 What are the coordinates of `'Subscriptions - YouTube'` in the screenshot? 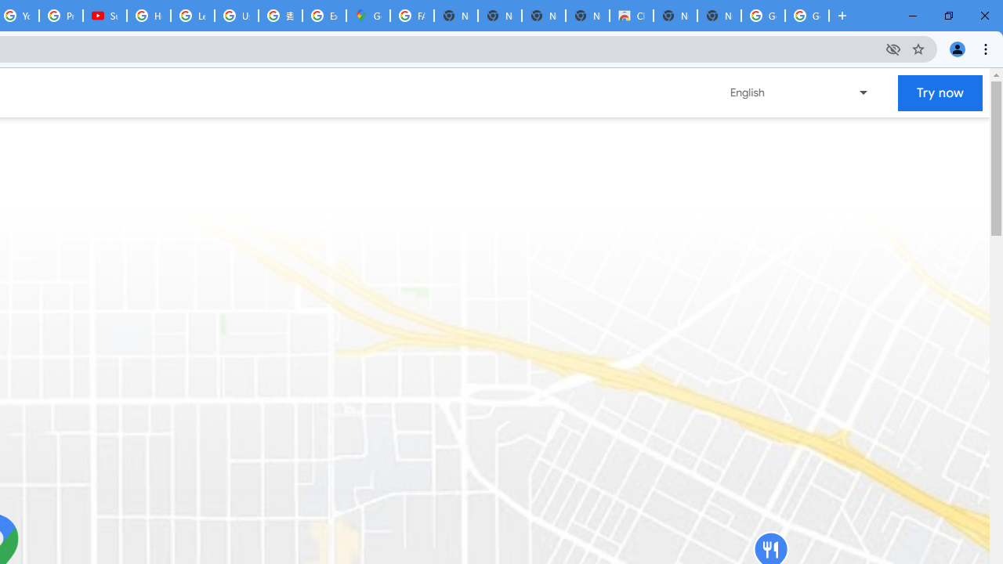 It's located at (104, 16).